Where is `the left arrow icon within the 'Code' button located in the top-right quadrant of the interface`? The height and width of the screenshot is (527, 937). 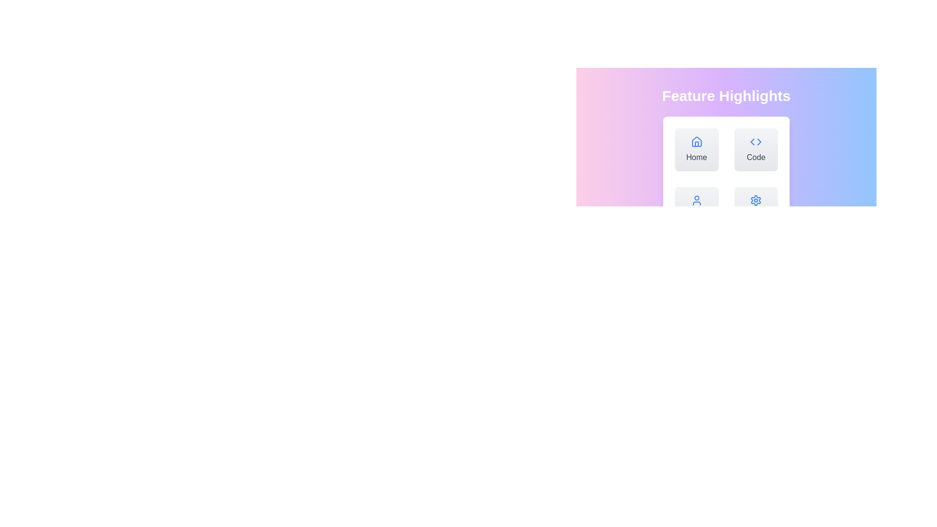 the left arrow icon within the 'Code' button located in the top-right quadrant of the interface is located at coordinates (752, 142).